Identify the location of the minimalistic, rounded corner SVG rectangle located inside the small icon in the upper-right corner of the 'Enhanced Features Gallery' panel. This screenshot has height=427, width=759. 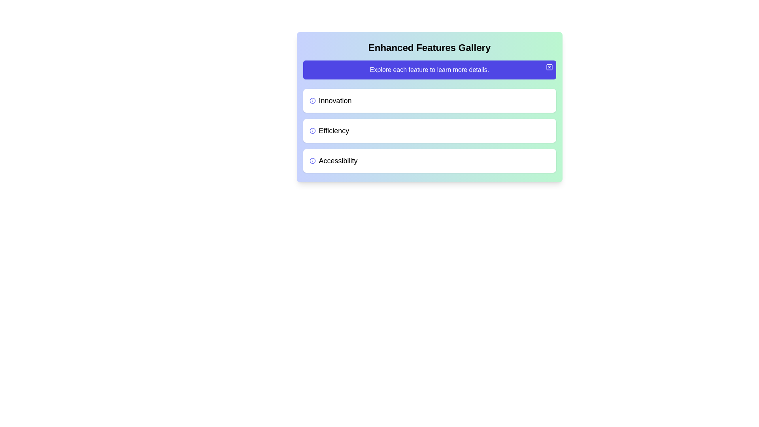
(549, 66).